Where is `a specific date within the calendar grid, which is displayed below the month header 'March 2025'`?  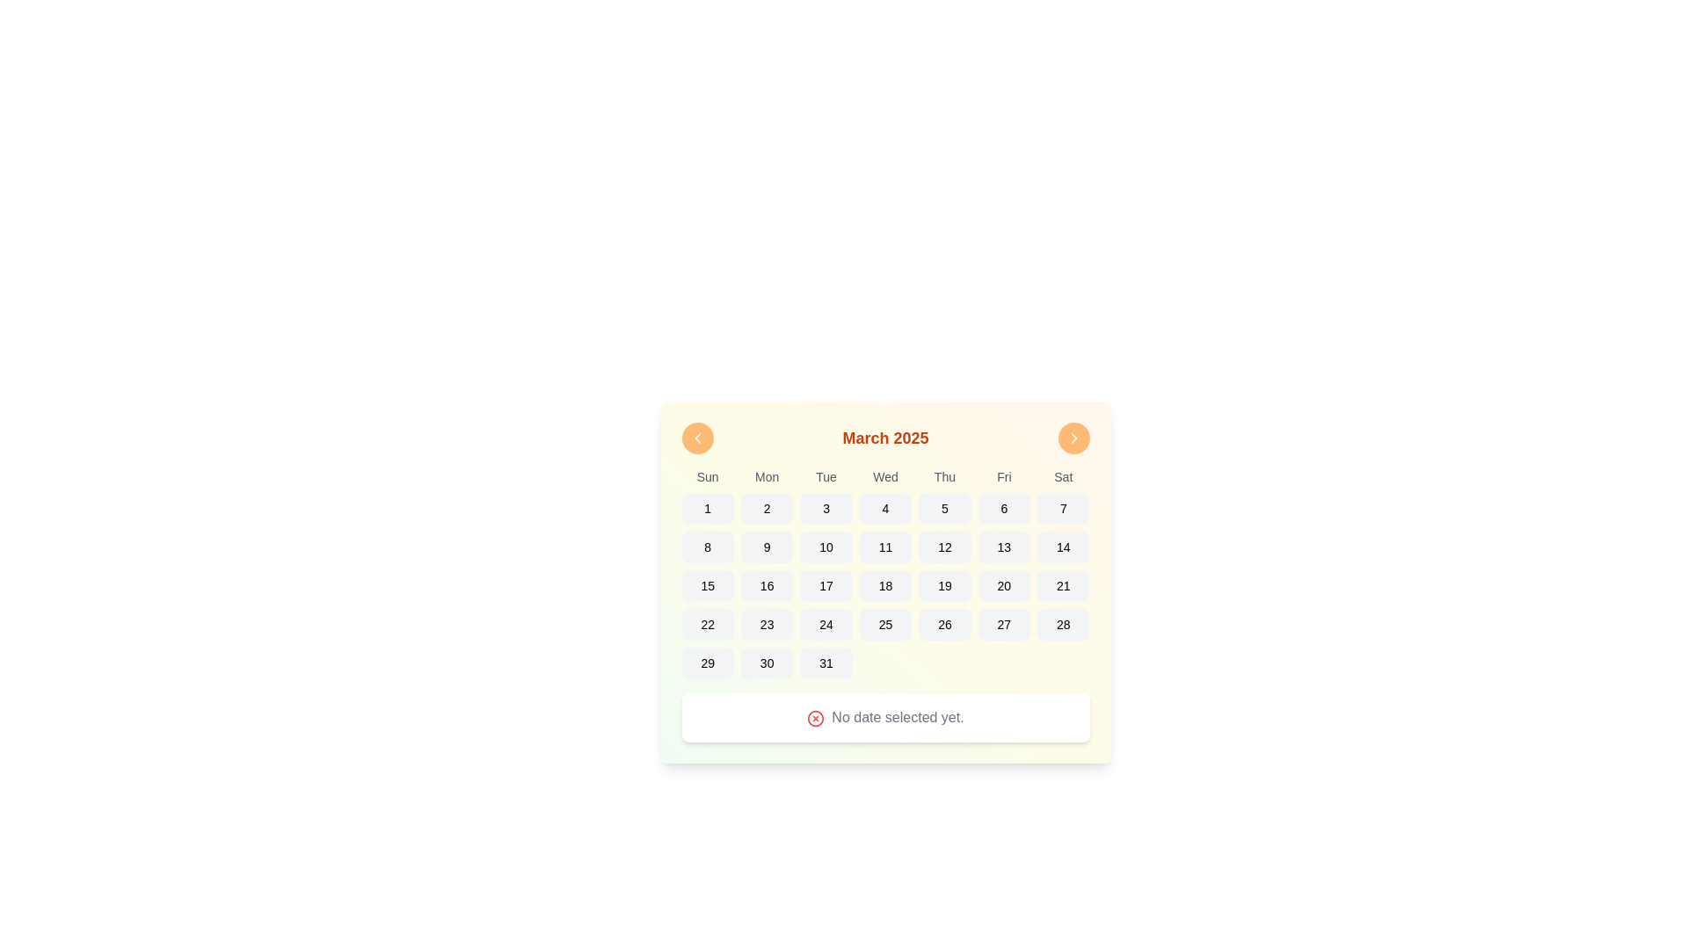 a specific date within the calendar grid, which is displayed below the month header 'March 2025' is located at coordinates (885, 573).